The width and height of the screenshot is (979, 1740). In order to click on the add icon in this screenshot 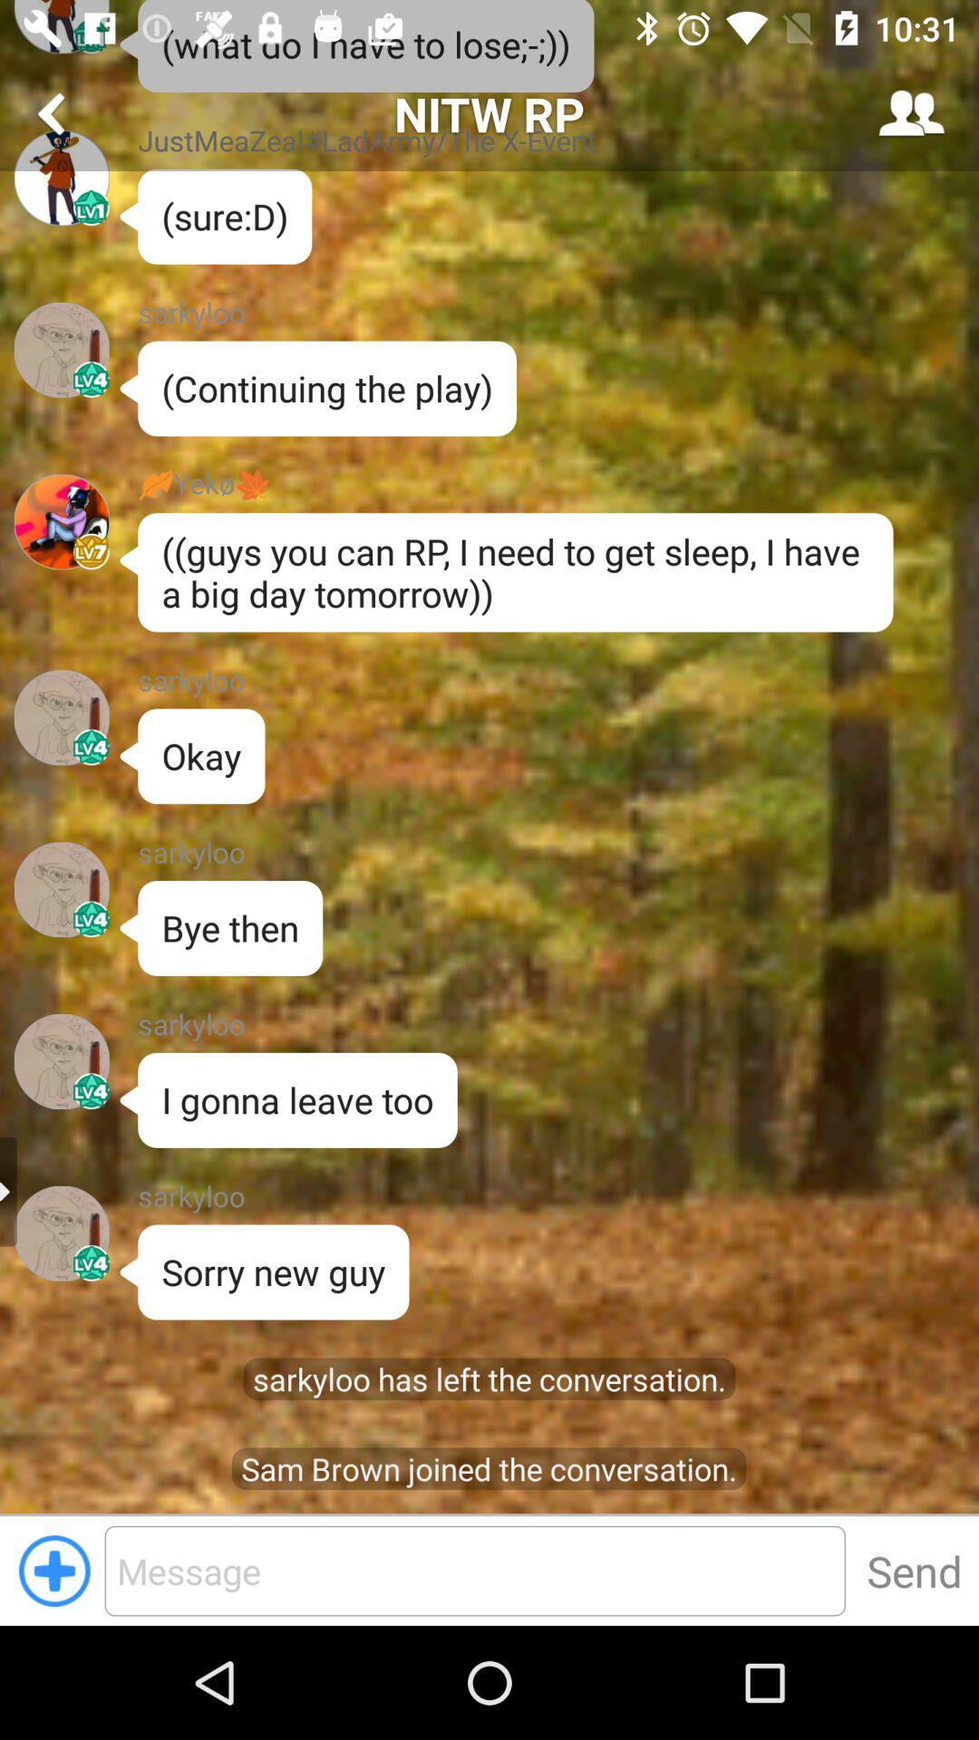, I will do `click(53, 1570)`.